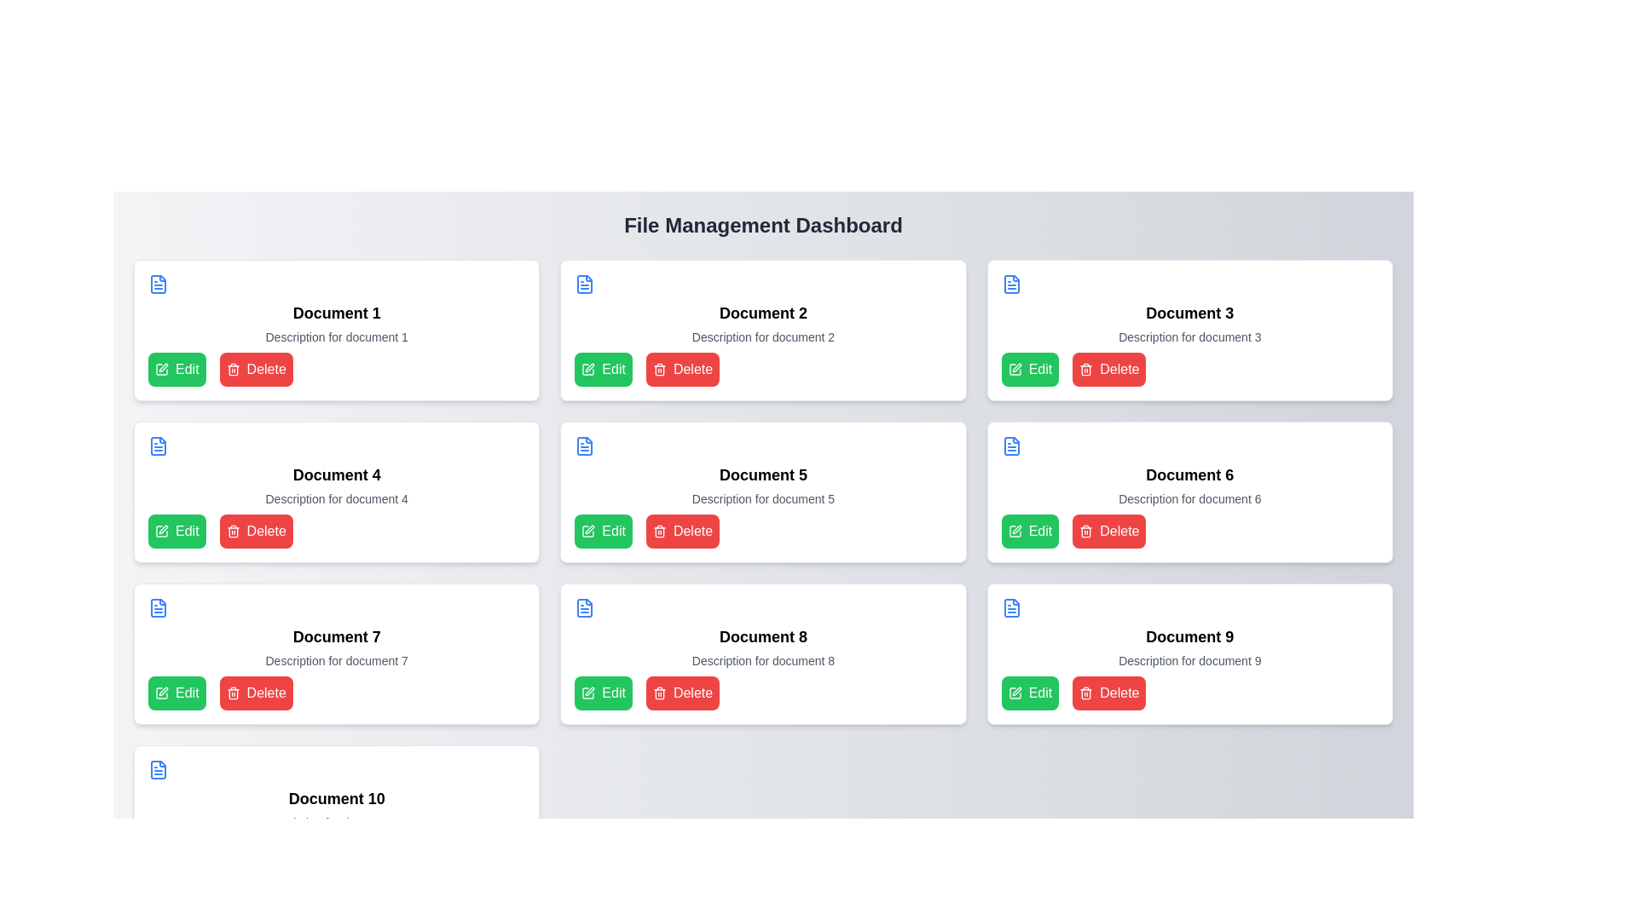  Describe the element at coordinates (585, 446) in the screenshot. I see `the blue file icon representing 'Document 5', which is styled with rounded edges and lines, positioned above the text 'Document 5' in the card grid layout` at that location.